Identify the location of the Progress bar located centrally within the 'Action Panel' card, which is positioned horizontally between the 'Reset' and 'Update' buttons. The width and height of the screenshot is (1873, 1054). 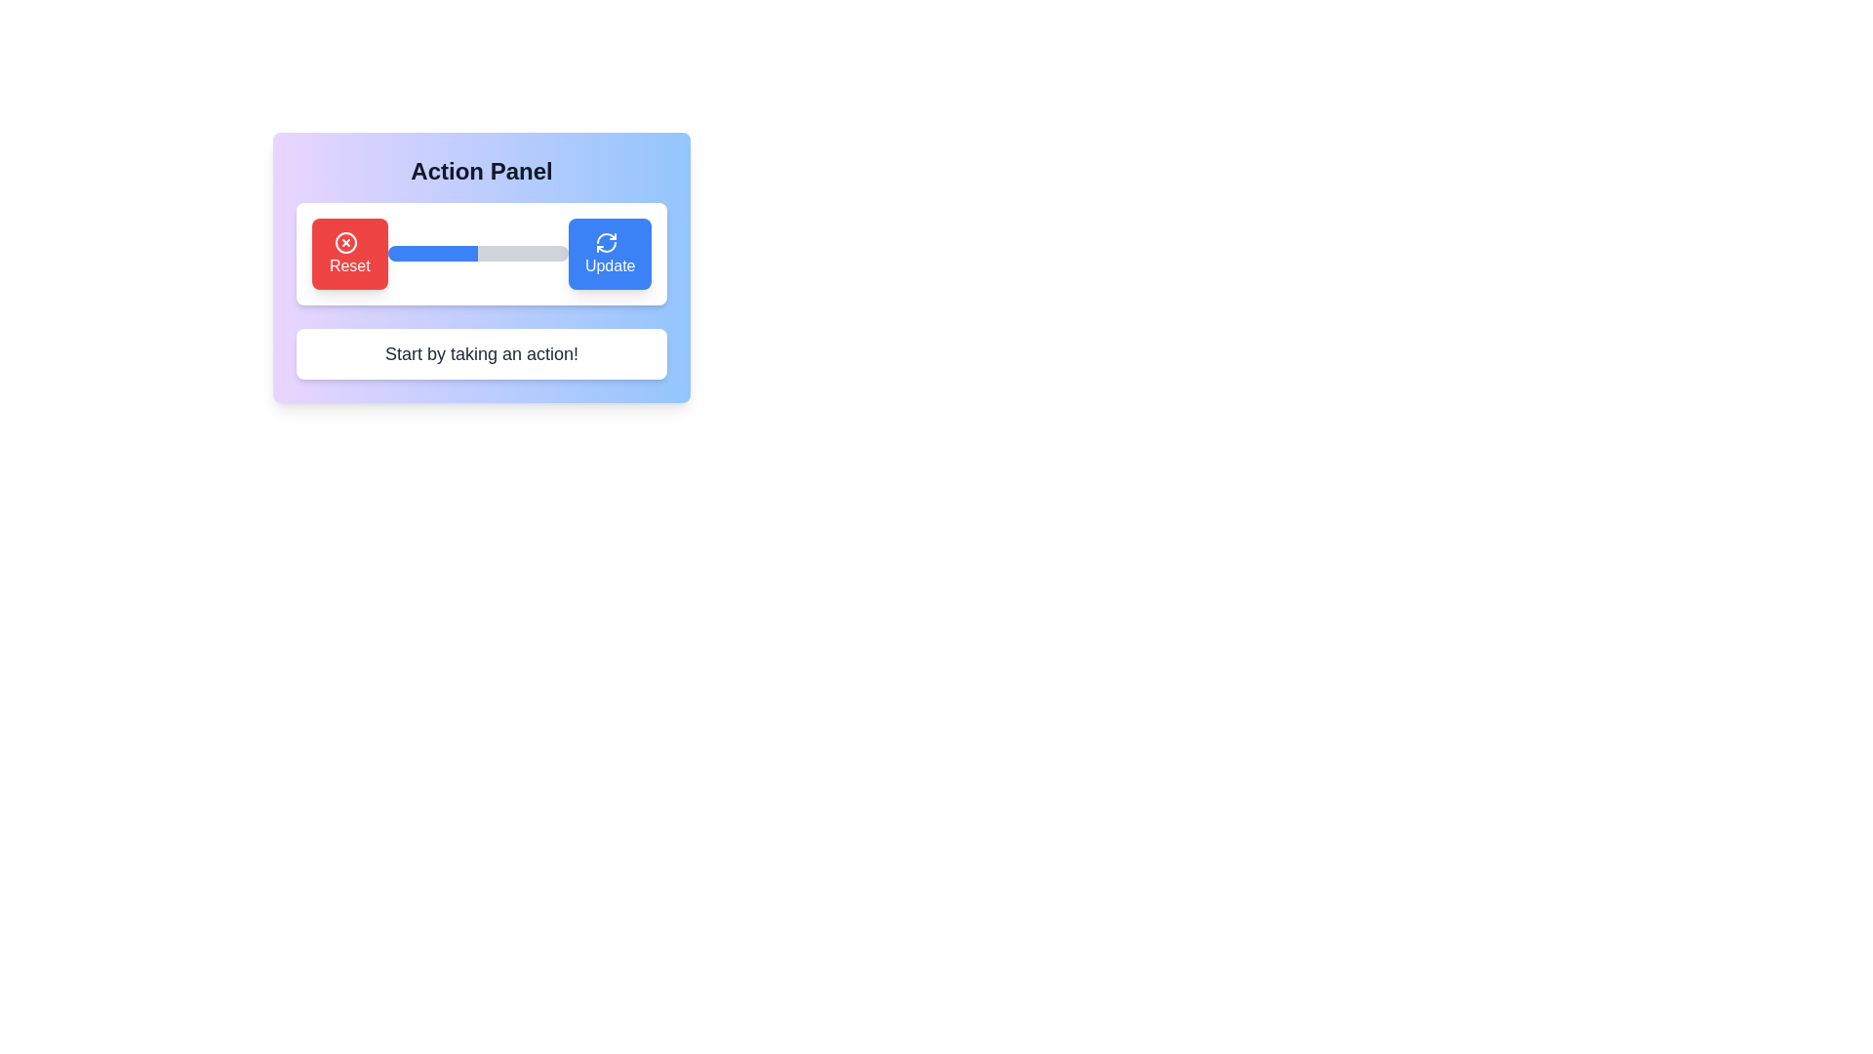
(478, 253).